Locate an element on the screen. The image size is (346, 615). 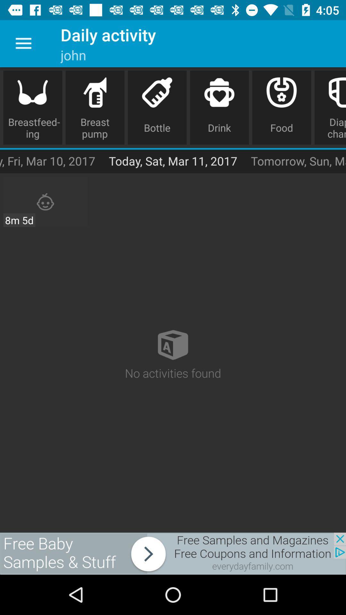
drink is located at coordinates (219, 108).